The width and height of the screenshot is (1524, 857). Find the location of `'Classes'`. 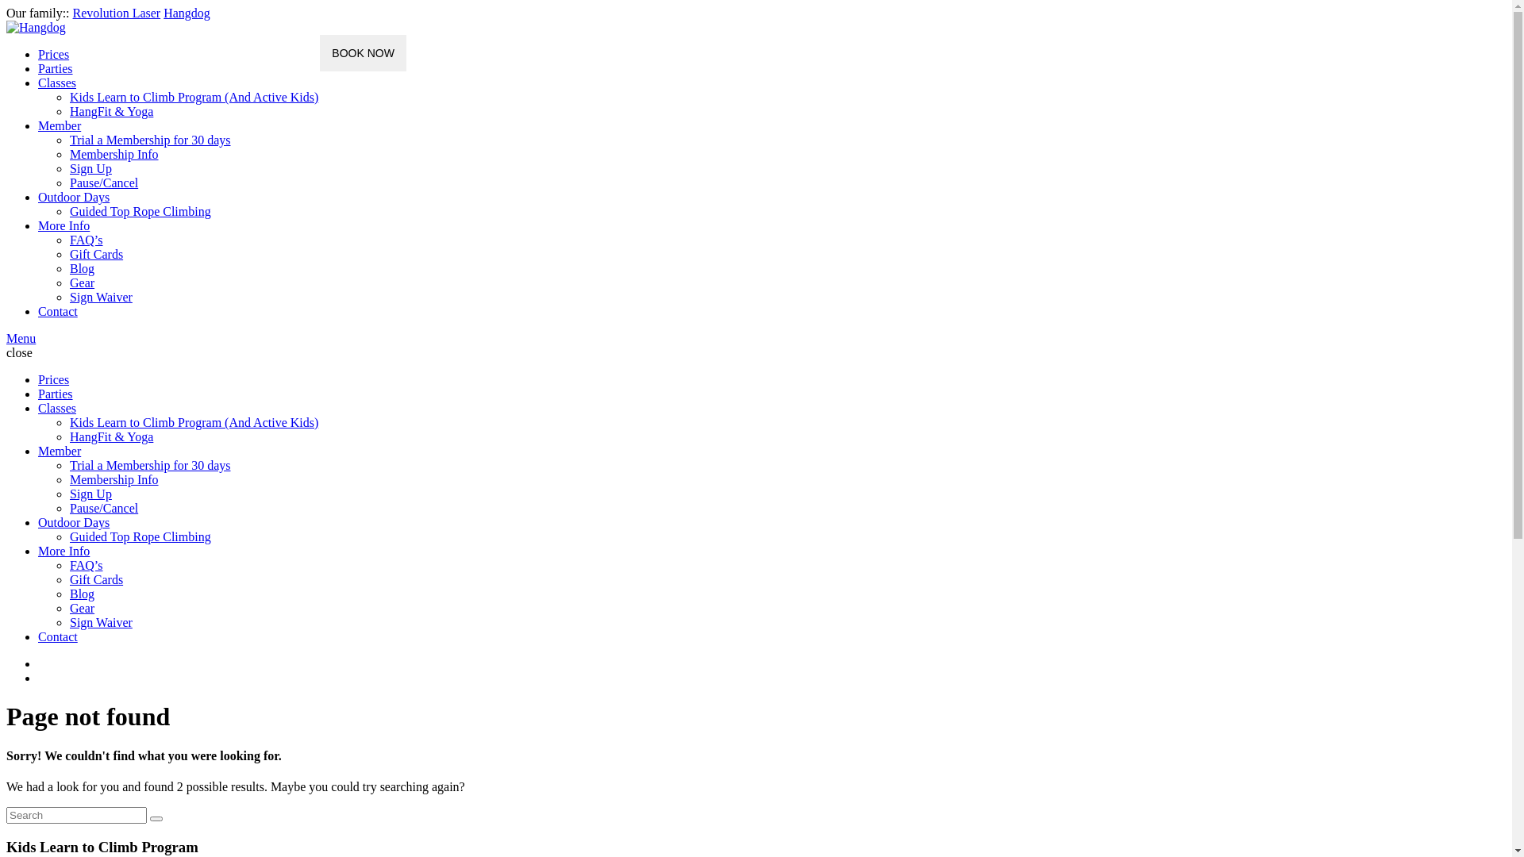

'Classes' is located at coordinates (57, 407).